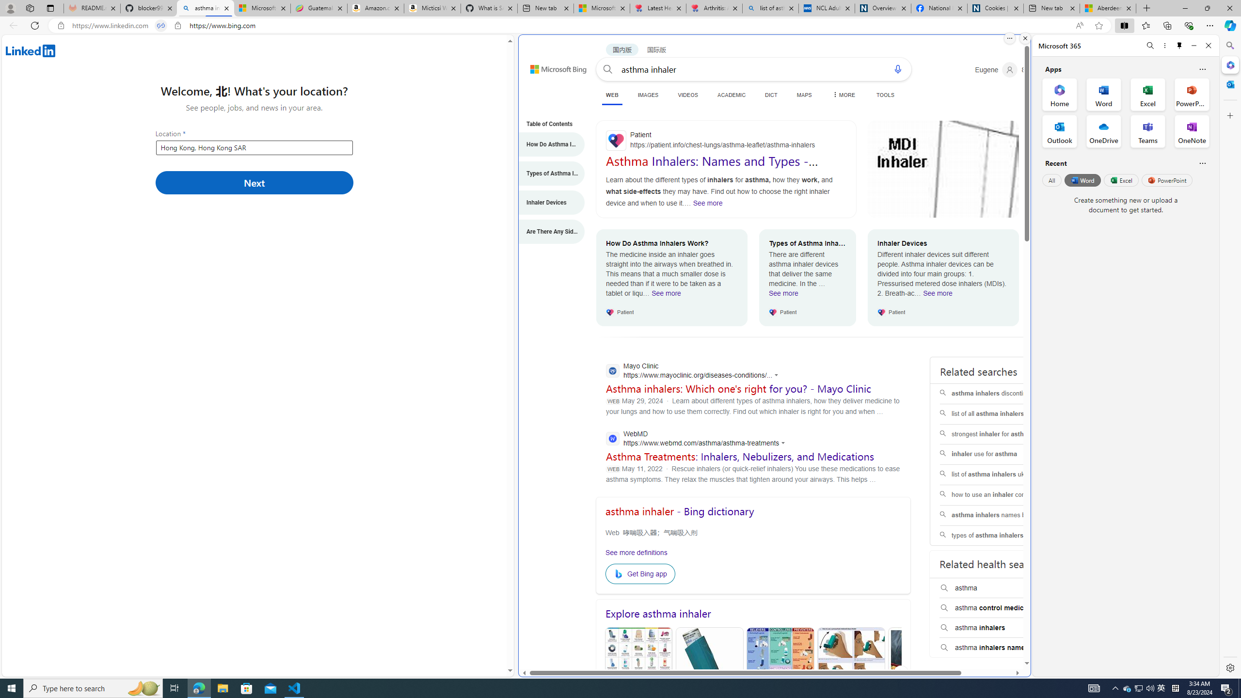  What do you see at coordinates (711, 167) in the screenshot?
I see `'Asthma Inhalers: Names and Types - Patient'` at bounding box center [711, 167].